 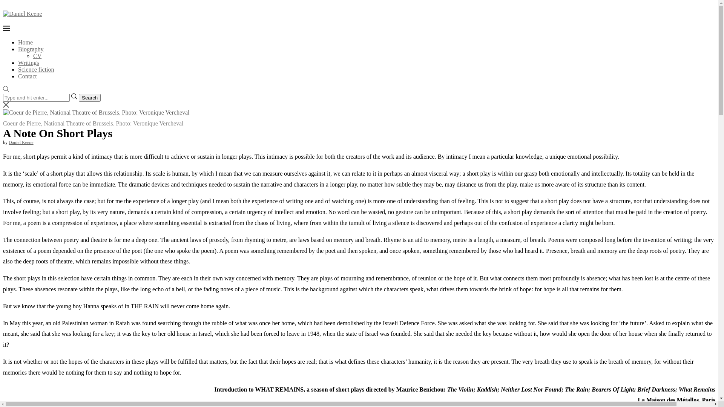 What do you see at coordinates (90, 97) in the screenshot?
I see `'Search'` at bounding box center [90, 97].